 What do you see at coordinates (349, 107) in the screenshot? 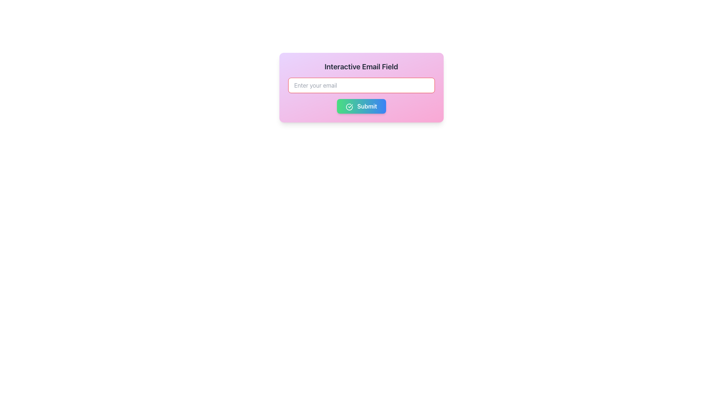
I see `the circular green check icon located to the left and slightly above the center of the 'Submit' button, which precedes the 'Submit' label text` at bounding box center [349, 107].